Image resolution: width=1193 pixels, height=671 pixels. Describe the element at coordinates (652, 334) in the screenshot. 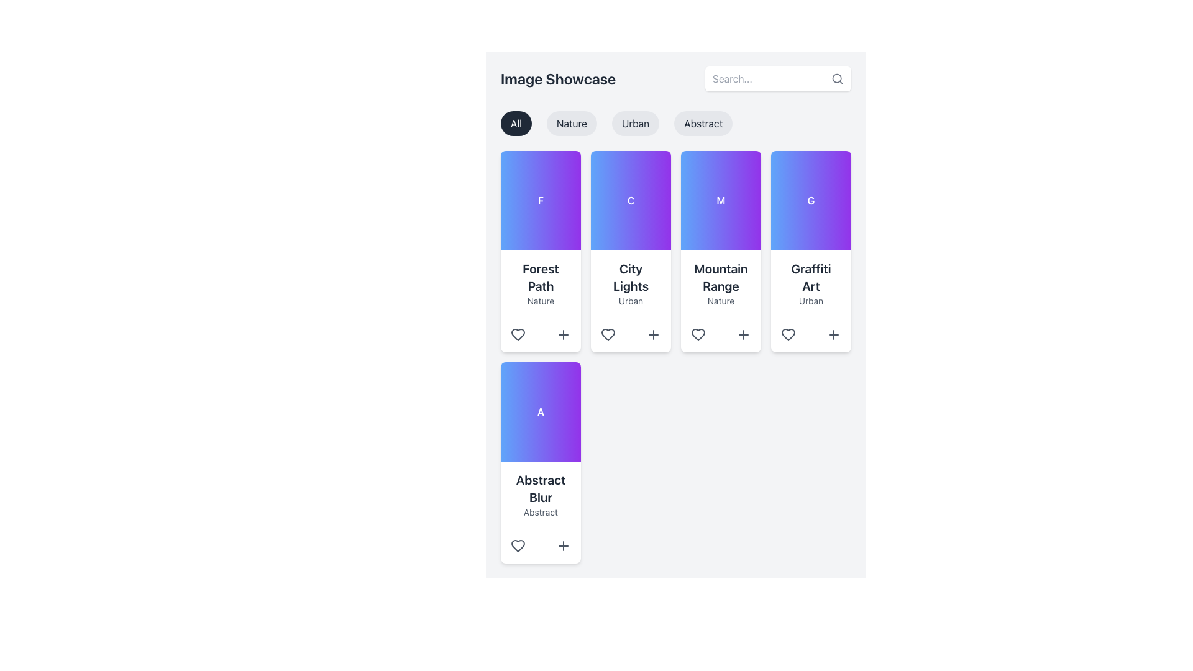

I see `the plus sign button located at the bottom-right of the 'City Lights' card` at that location.